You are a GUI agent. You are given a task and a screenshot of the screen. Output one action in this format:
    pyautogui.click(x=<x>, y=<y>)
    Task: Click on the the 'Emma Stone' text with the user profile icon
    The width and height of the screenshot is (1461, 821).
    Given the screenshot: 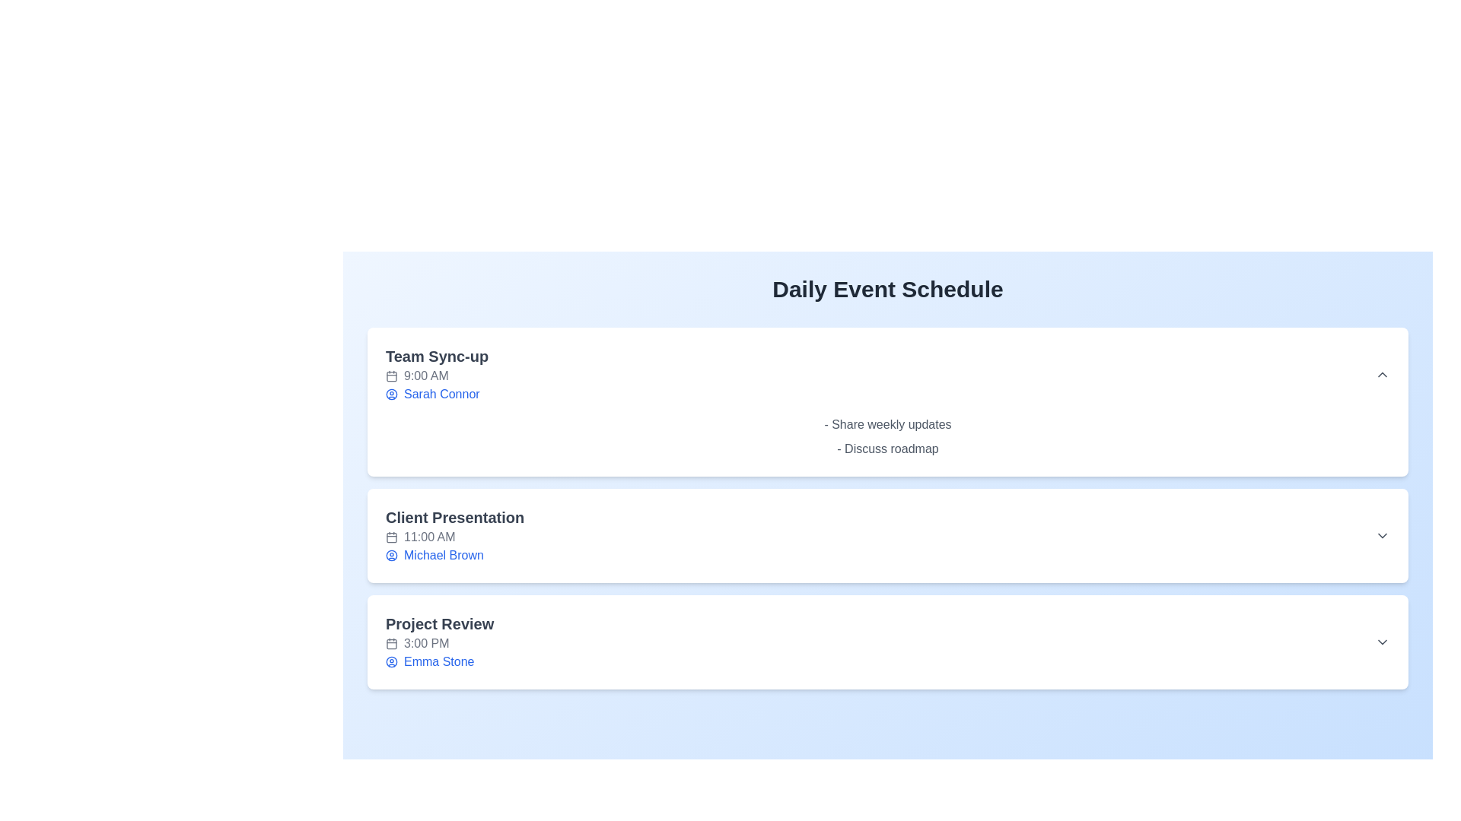 What is the action you would take?
    pyautogui.click(x=439, y=661)
    